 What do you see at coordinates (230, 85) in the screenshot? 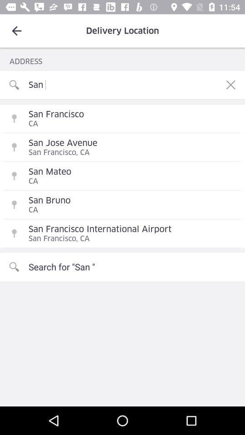
I see `the icon at the top right corner` at bounding box center [230, 85].